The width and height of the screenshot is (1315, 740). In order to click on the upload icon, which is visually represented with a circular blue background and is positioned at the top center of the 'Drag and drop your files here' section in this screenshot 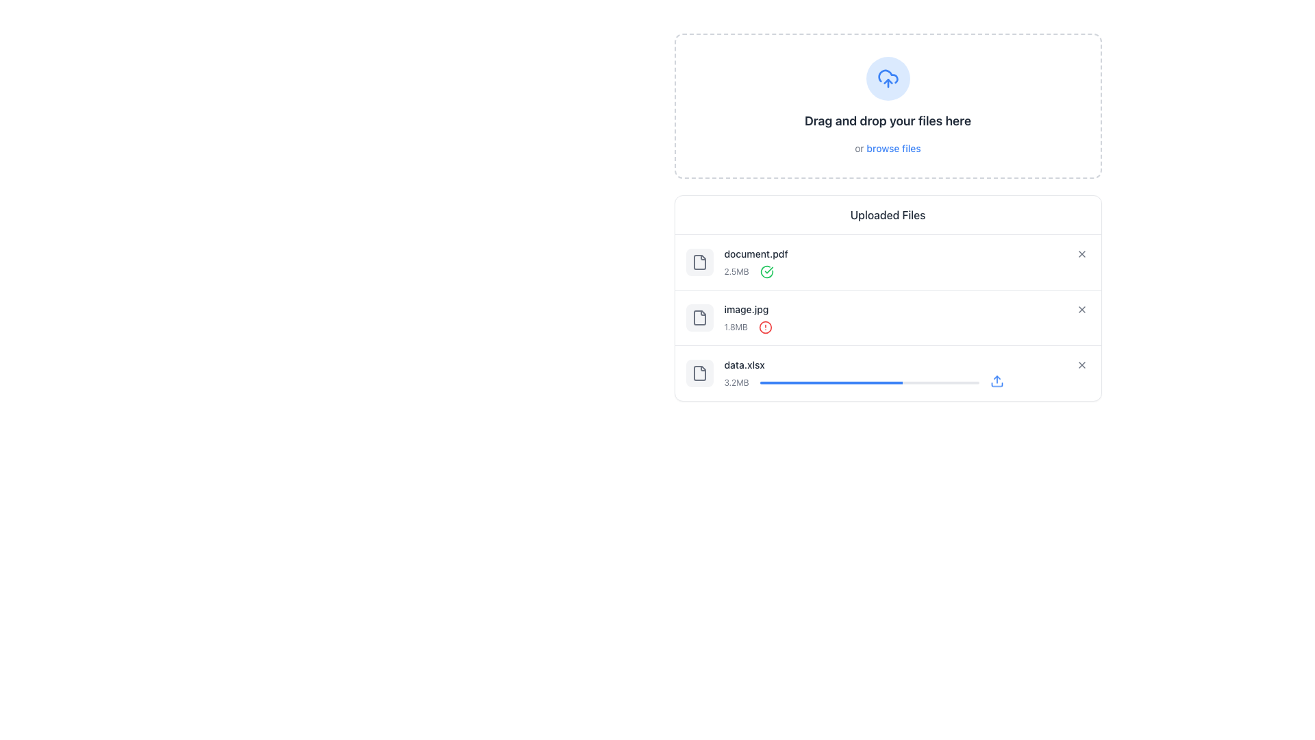, I will do `click(888, 79)`.